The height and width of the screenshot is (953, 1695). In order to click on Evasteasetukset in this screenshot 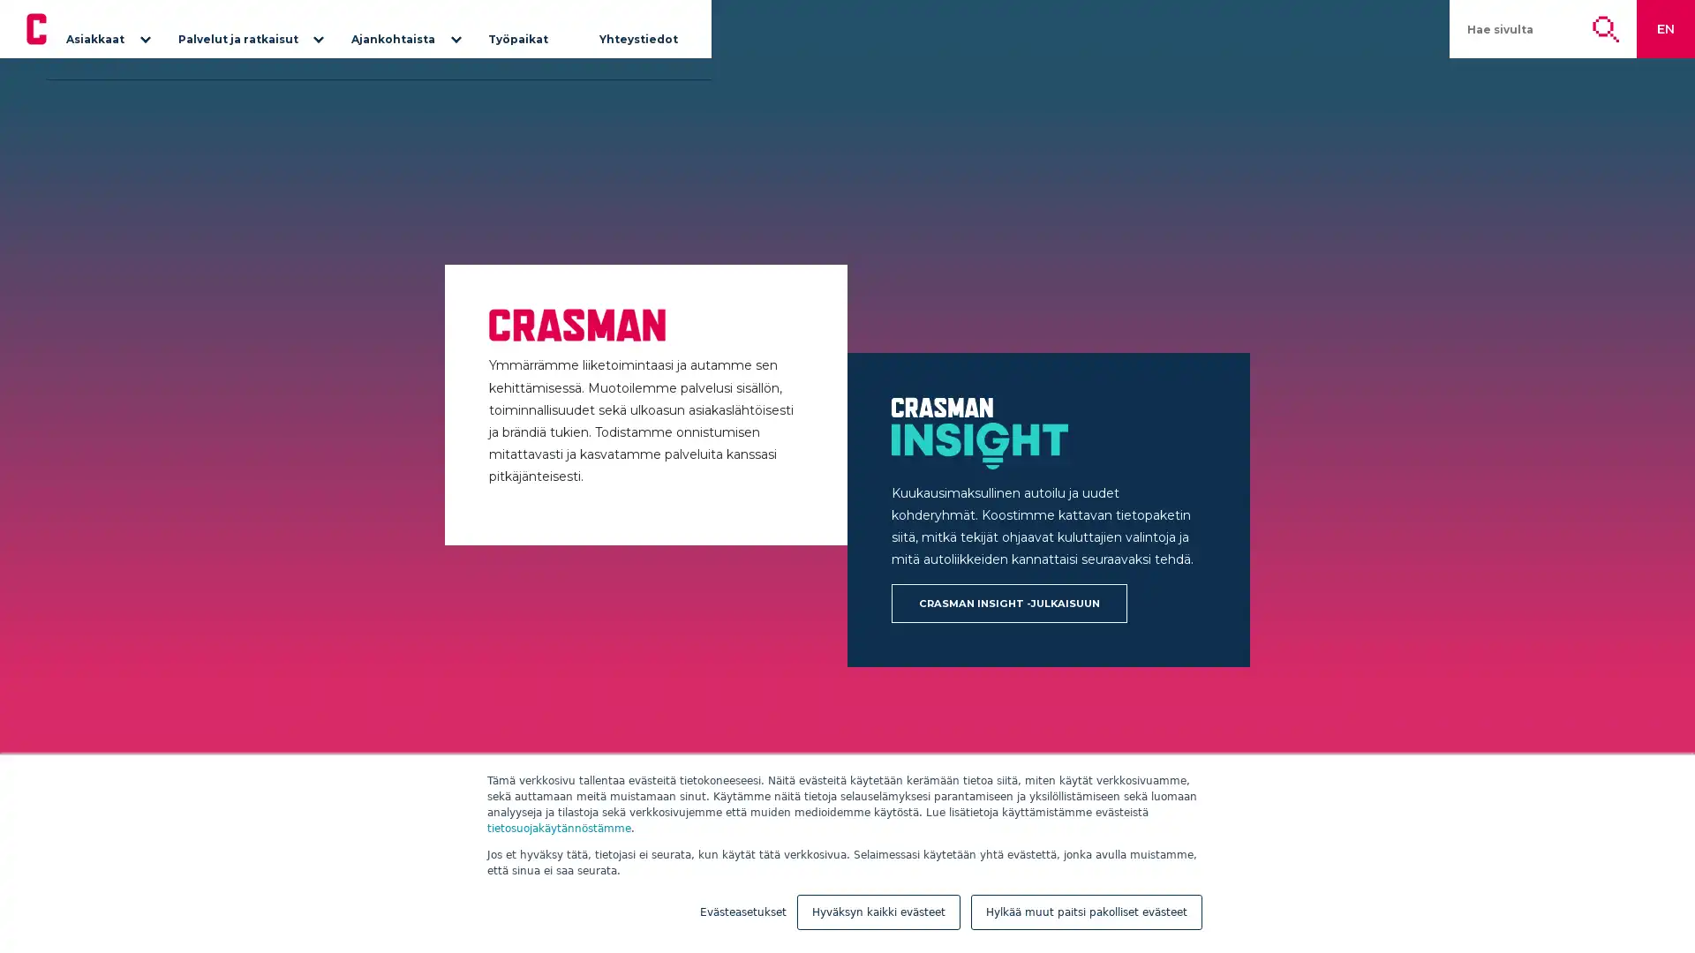, I will do `click(742, 912)`.